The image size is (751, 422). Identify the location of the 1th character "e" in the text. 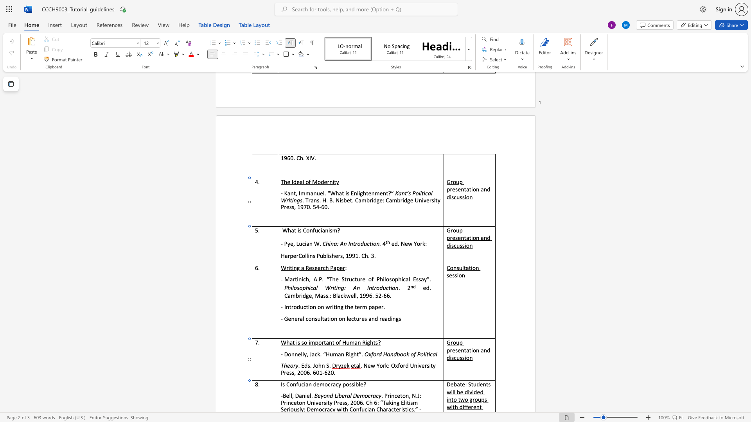
(310, 267).